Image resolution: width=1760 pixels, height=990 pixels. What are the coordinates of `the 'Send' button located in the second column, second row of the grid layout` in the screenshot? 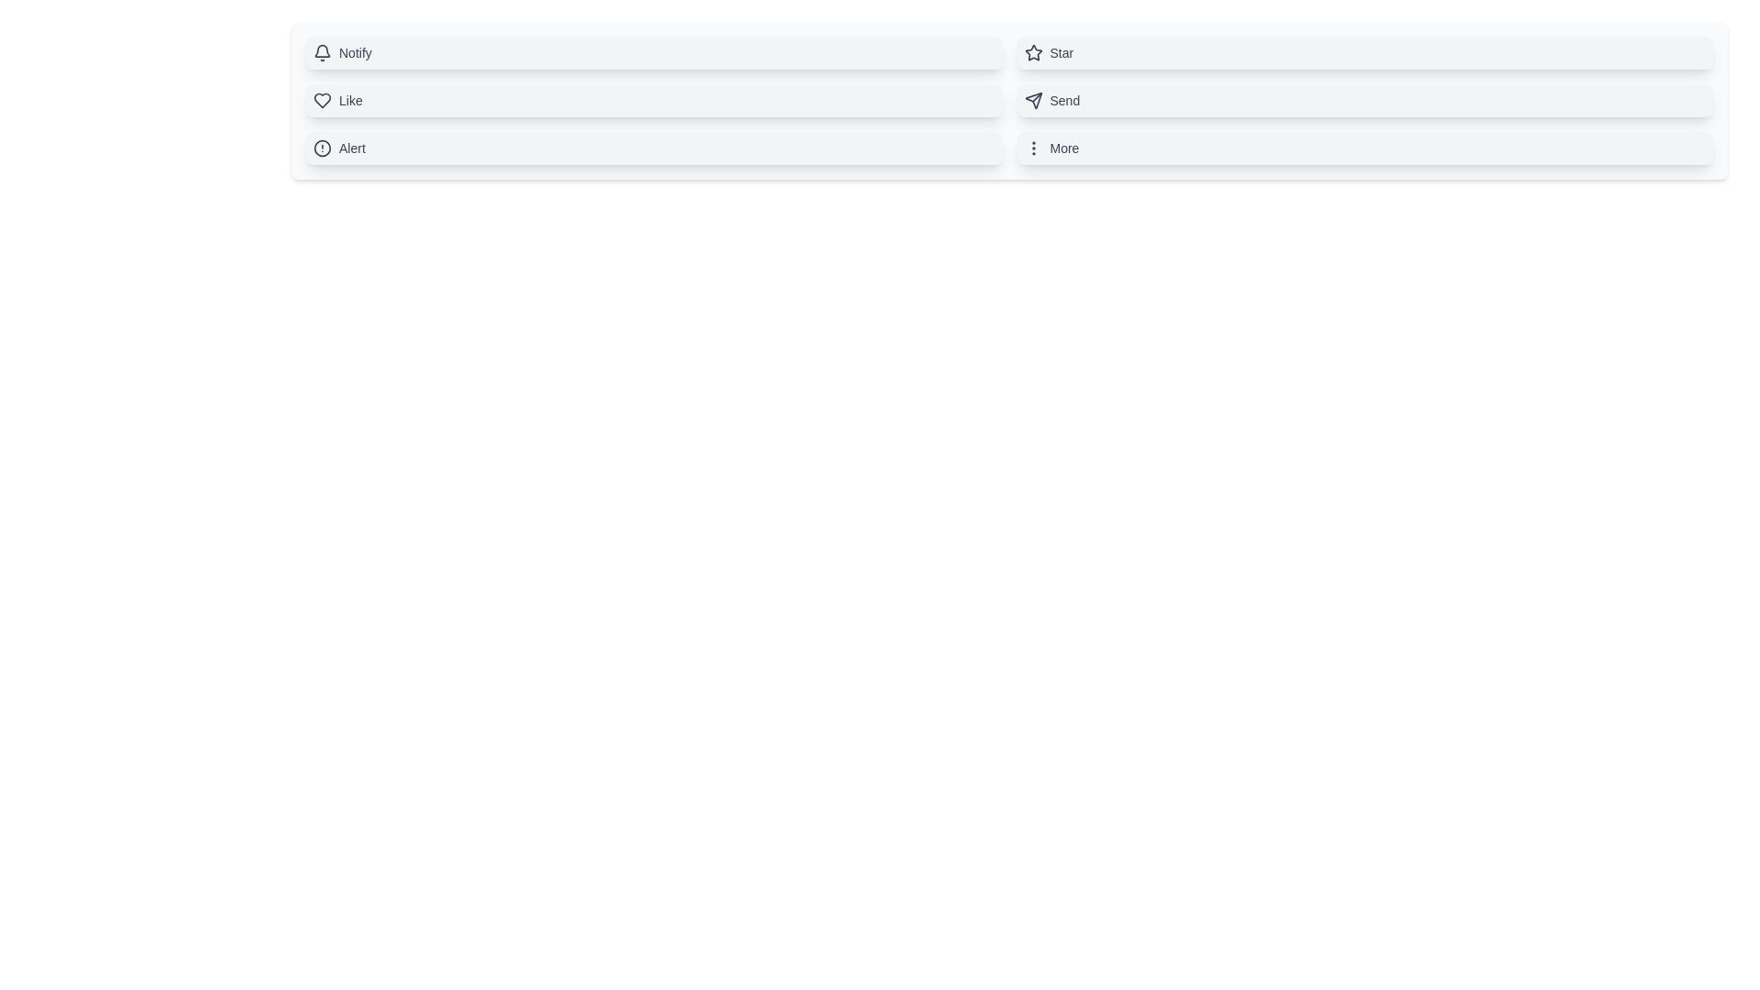 It's located at (1365, 101).